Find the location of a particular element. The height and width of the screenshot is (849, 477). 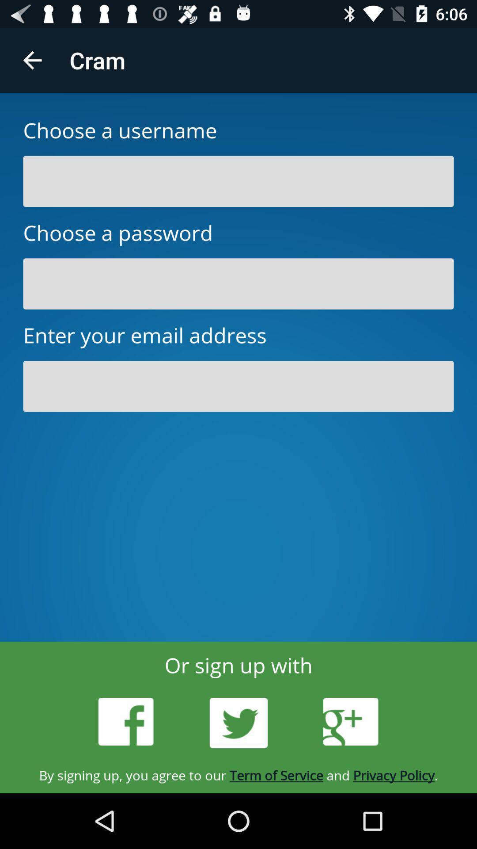

text box to enter email address is located at coordinates (238, 386).